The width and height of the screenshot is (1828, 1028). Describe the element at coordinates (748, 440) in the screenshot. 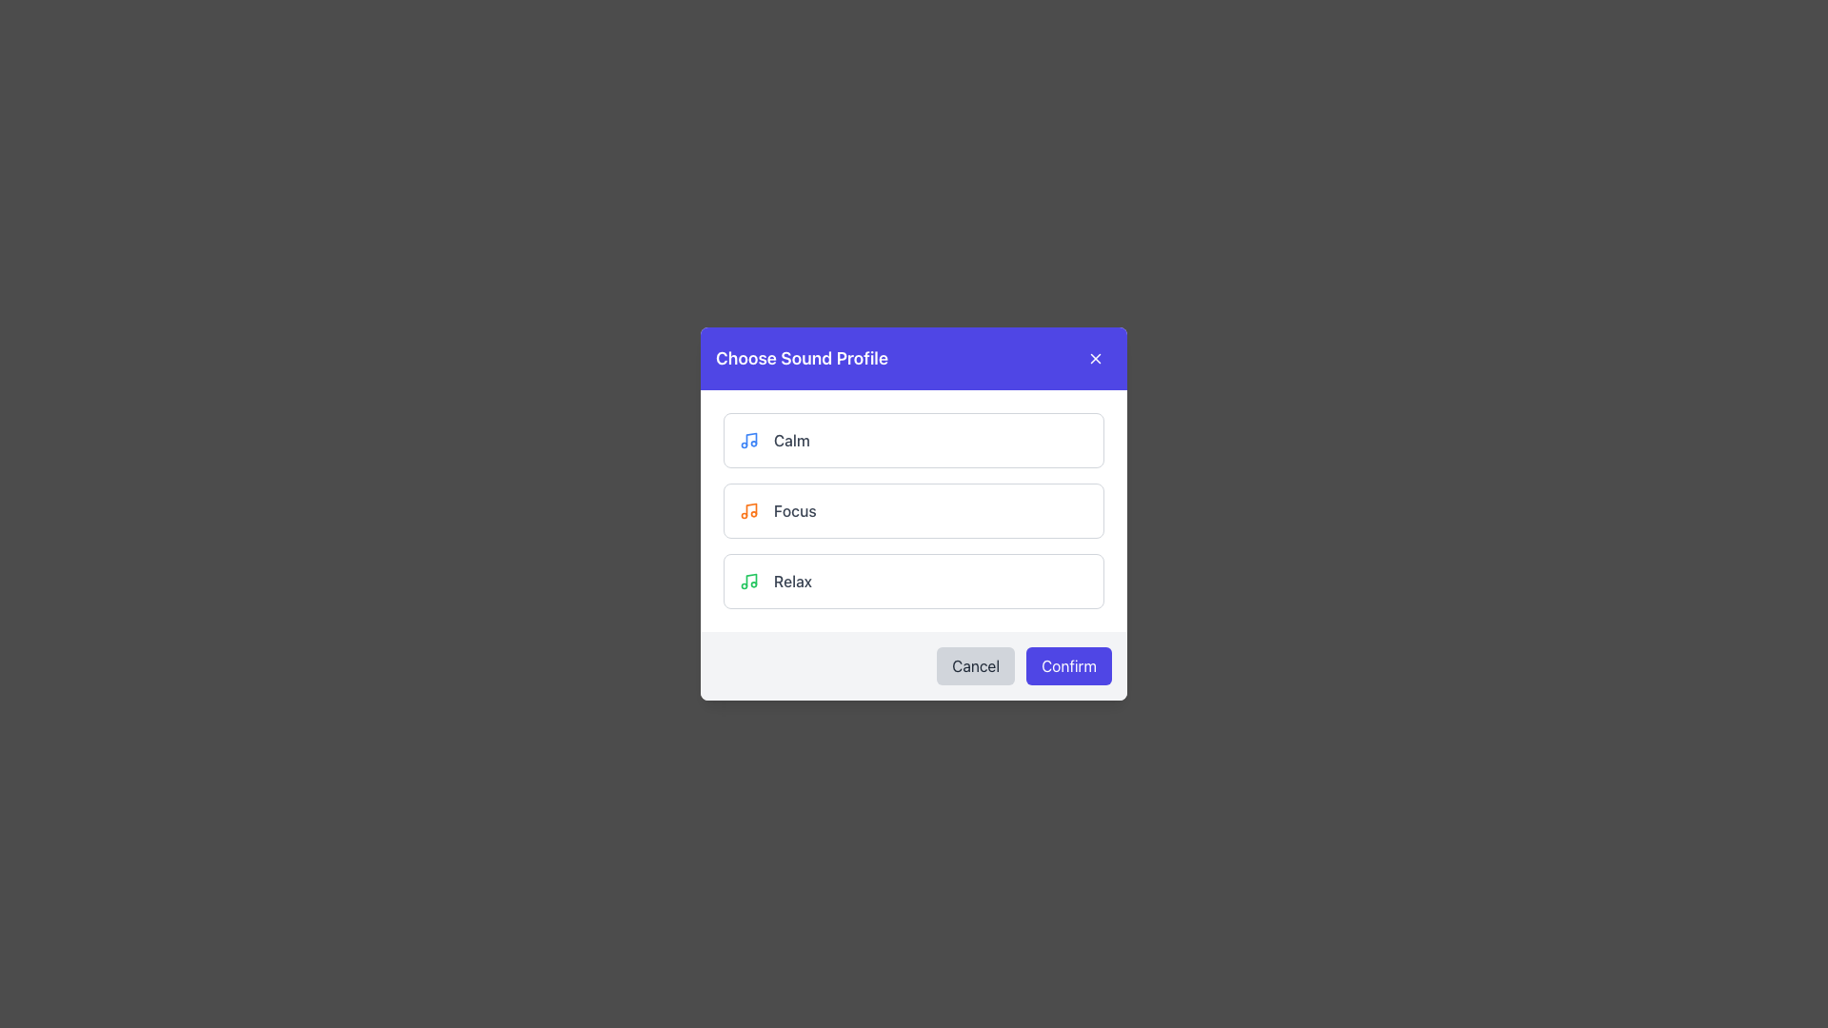

I see `the 'Calm' sound profile icon located at the topmost row of the list in the modal window, positioned to the far left and preceding the text label 'Calm'` at that location.